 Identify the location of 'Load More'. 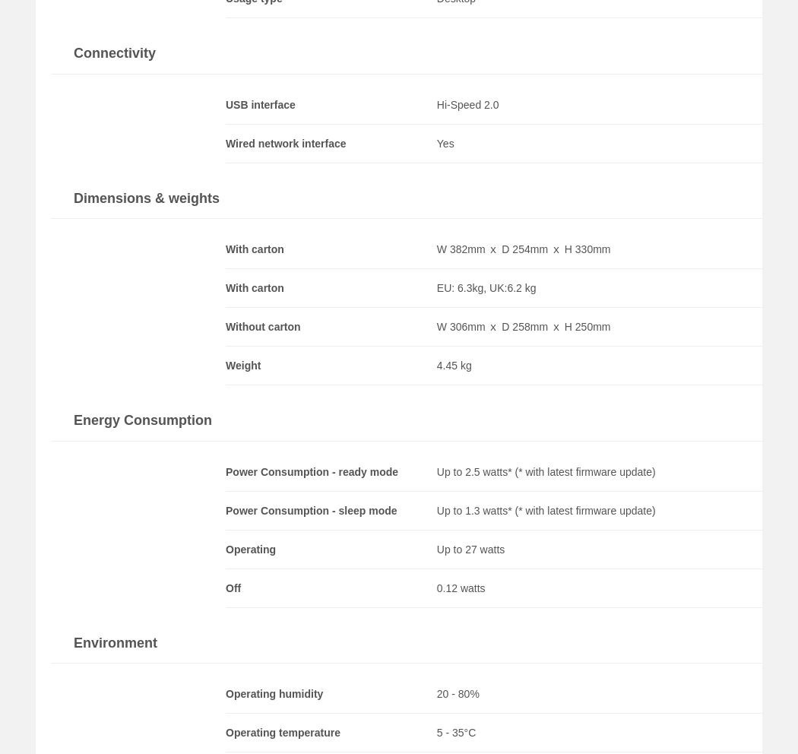
(371, 549).